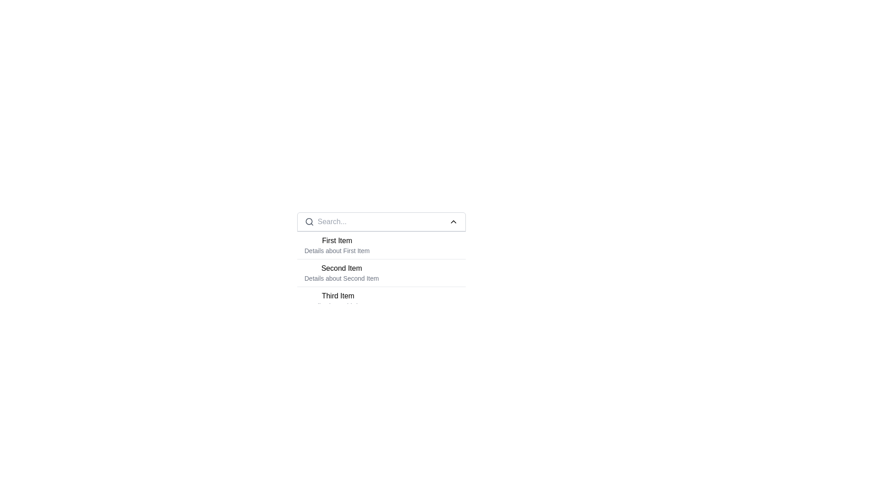 This screenshot has width=870, height=489. What do you see at coordinates (381, 267) in the screenshot?
I see `the second item in the dropdown list` at bounding box center [381, 267].